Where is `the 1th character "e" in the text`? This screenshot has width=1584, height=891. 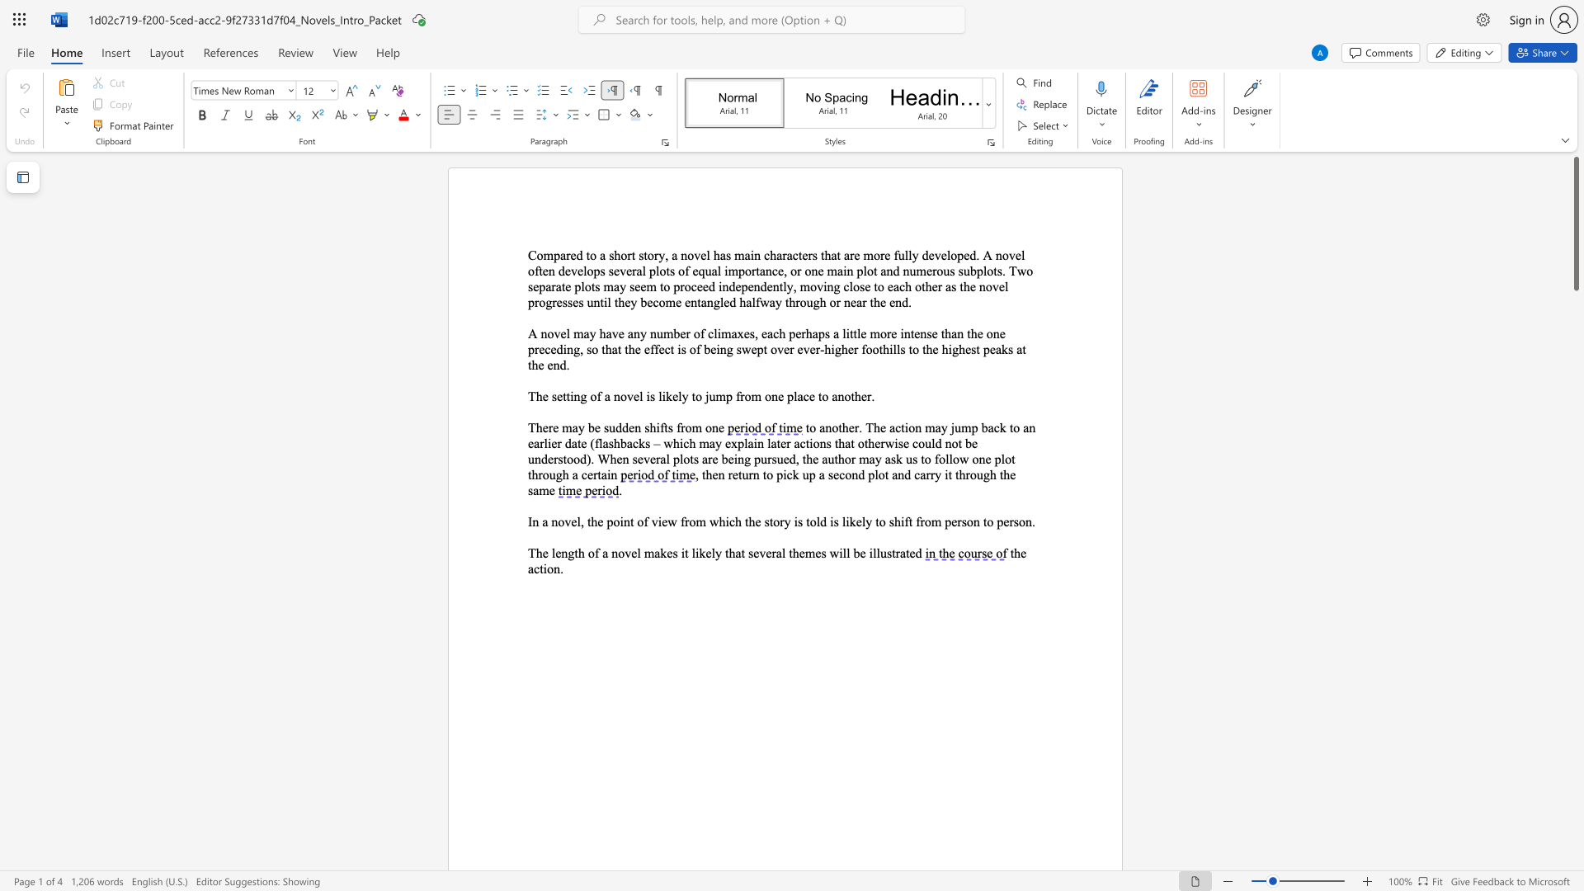
the 1th character "e" in the text is located at coordinates (545, 396).